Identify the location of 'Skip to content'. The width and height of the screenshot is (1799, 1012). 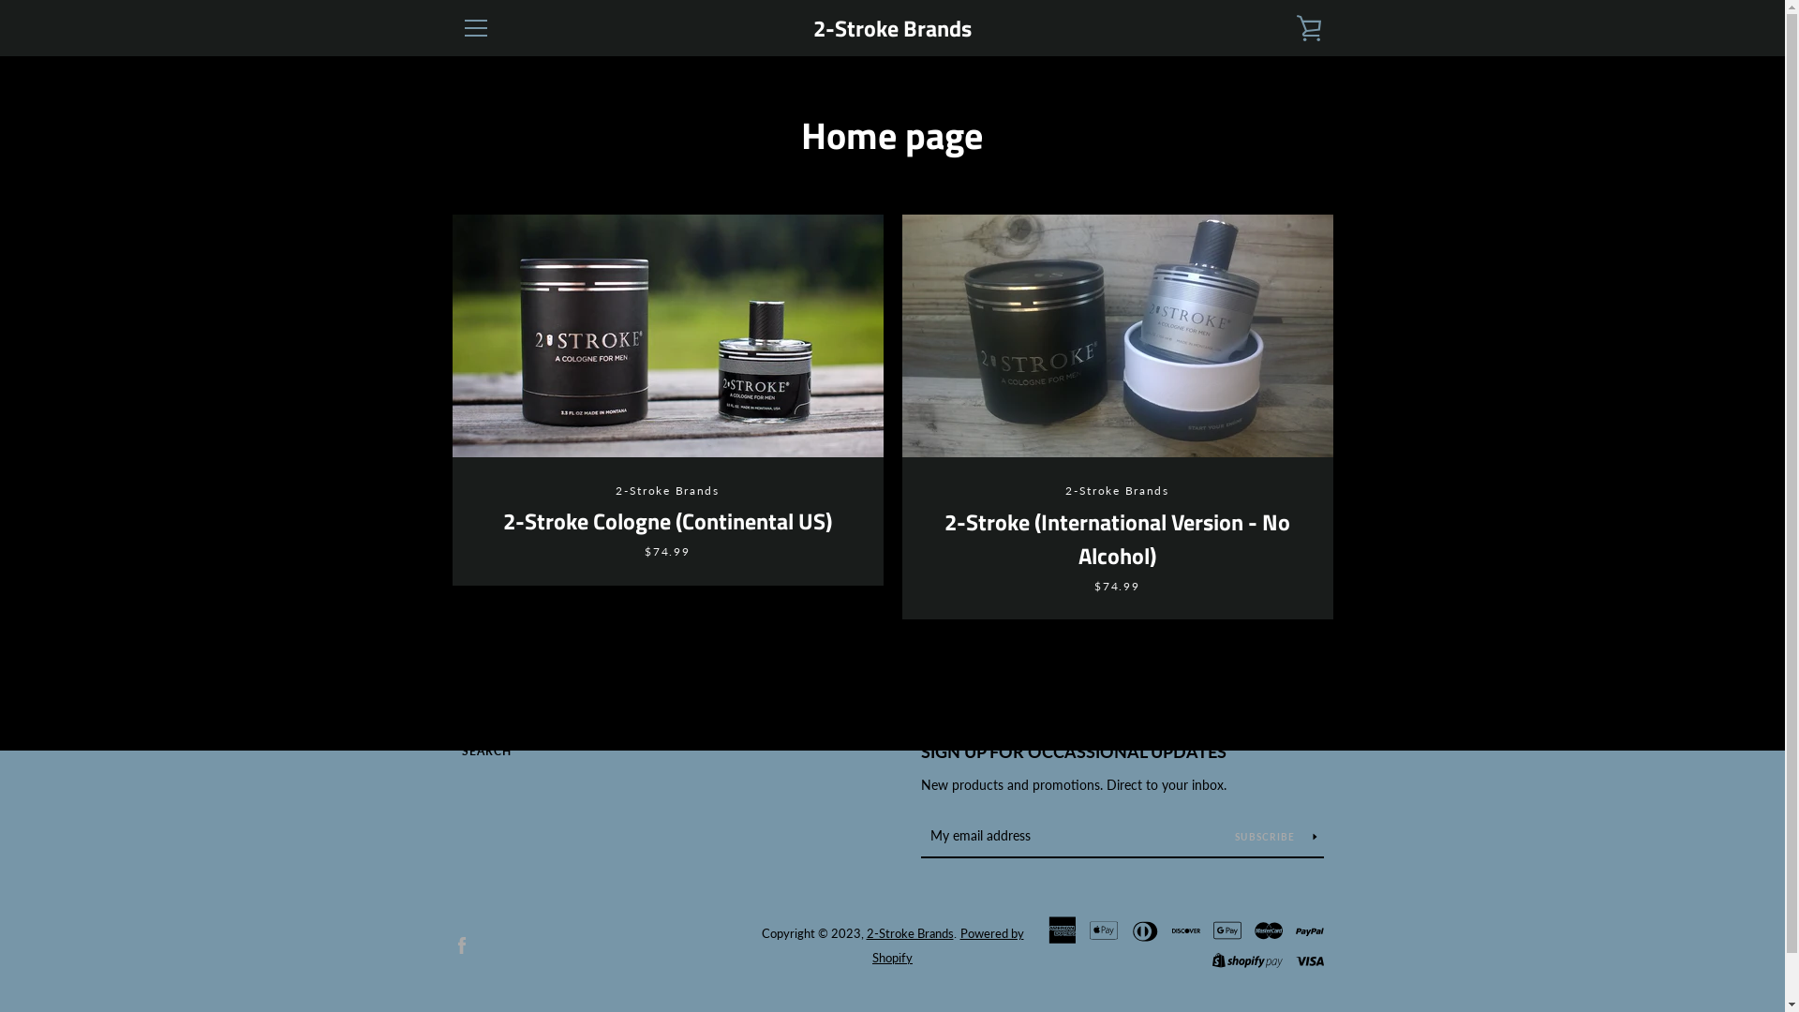
(0, 0).